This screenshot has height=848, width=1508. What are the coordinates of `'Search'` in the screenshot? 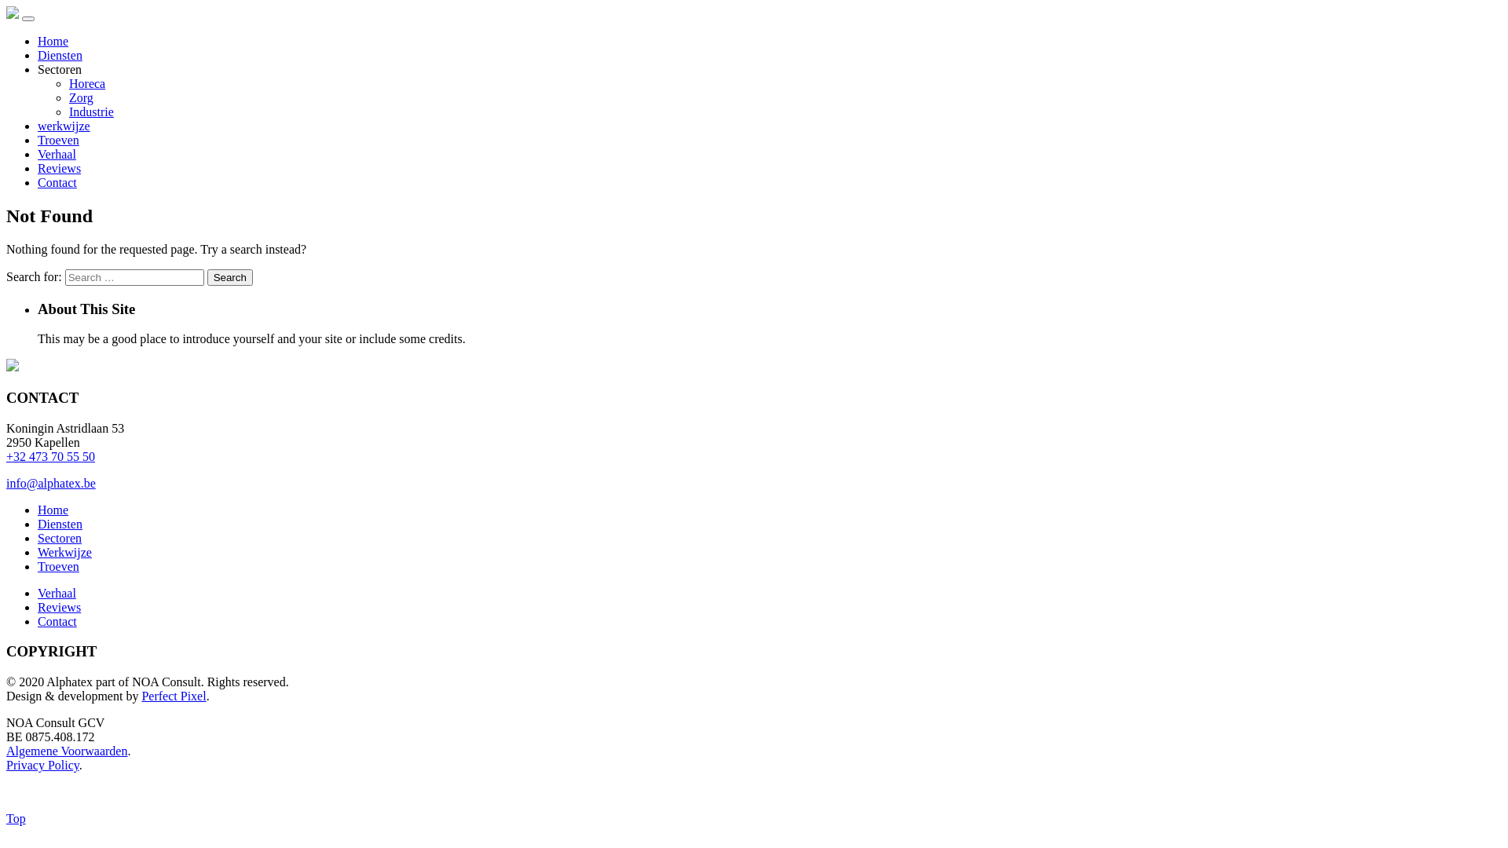 It's located at (207, 276).